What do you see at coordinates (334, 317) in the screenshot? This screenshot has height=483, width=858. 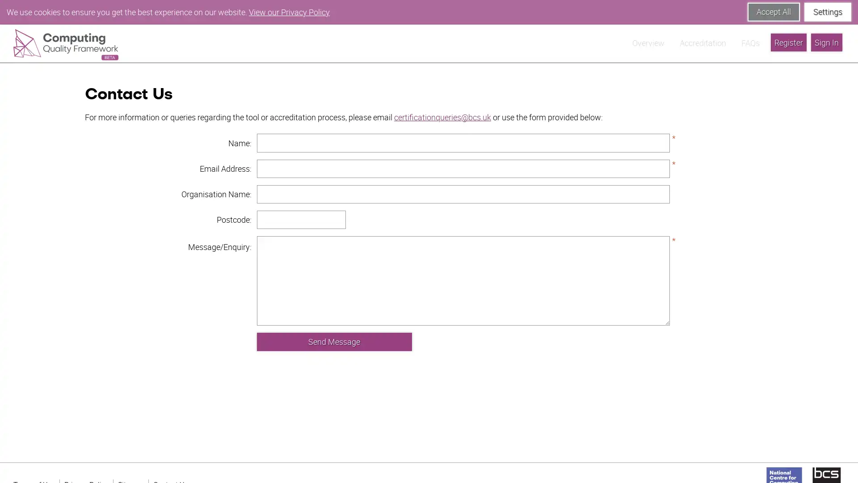 I see `Send Message` at bounding box center [334, 317].